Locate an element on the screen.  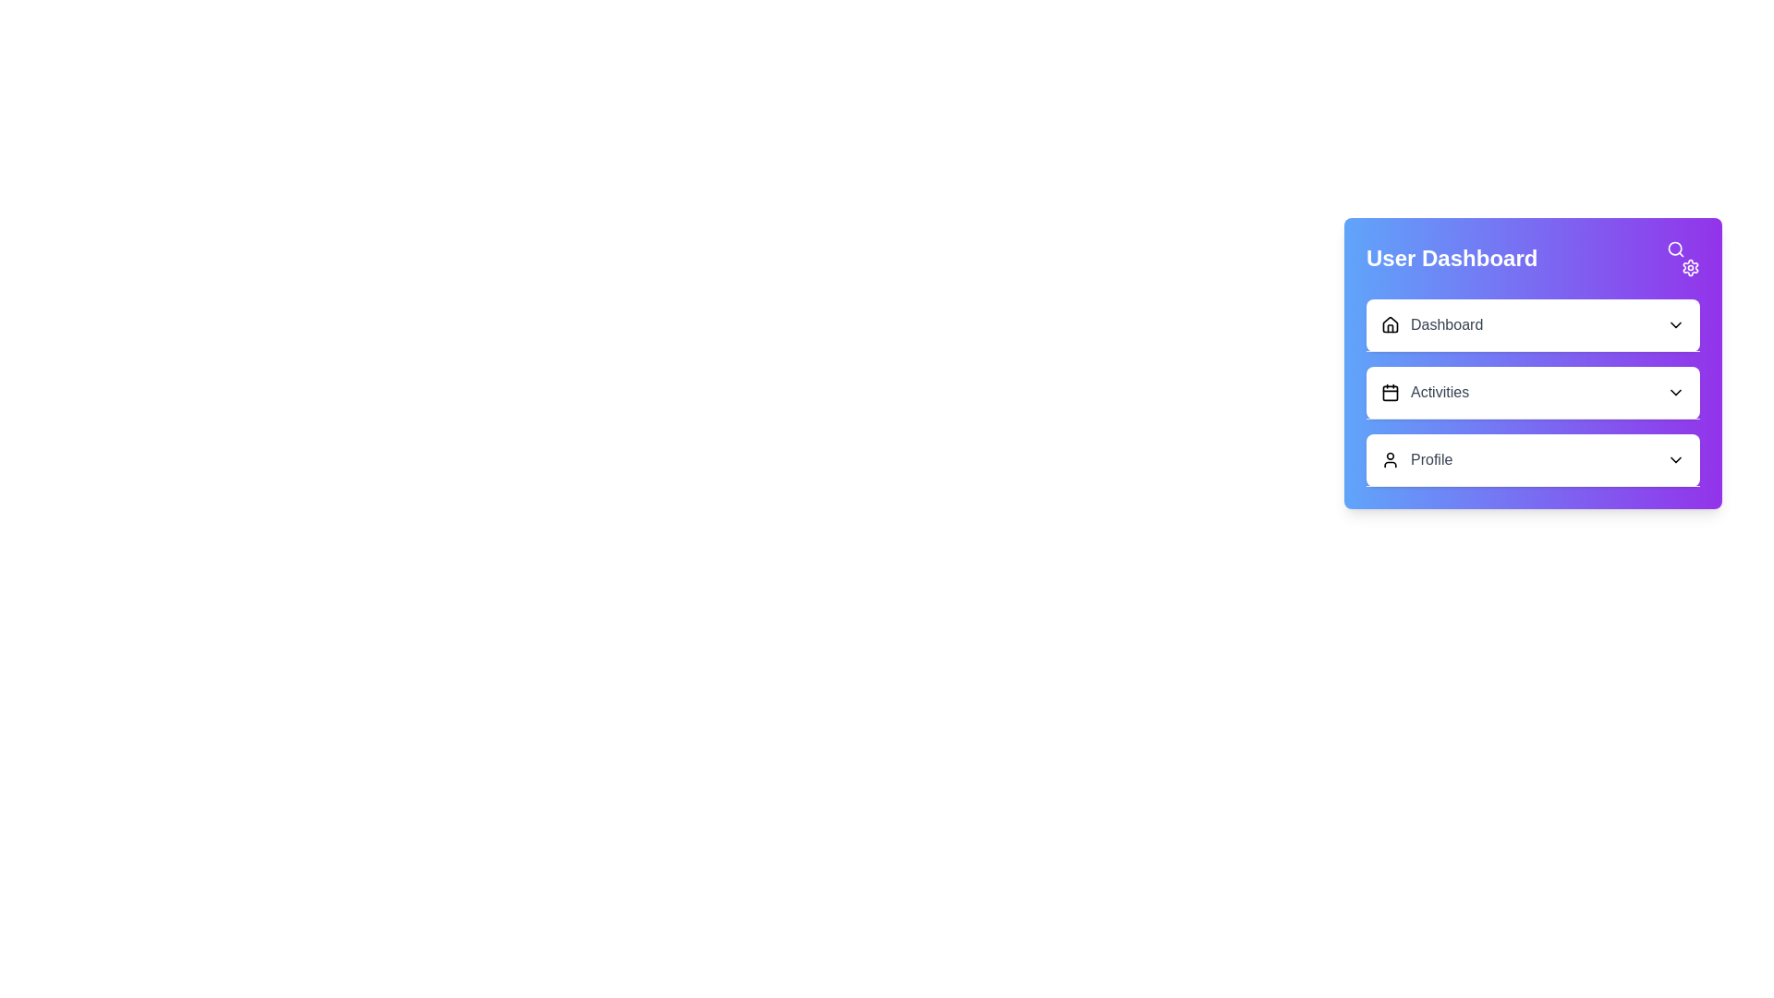
the magnifying glass icon in the top-right corner of the User Dashboard to initiate the search feature is located at coordinates (1683, 259).